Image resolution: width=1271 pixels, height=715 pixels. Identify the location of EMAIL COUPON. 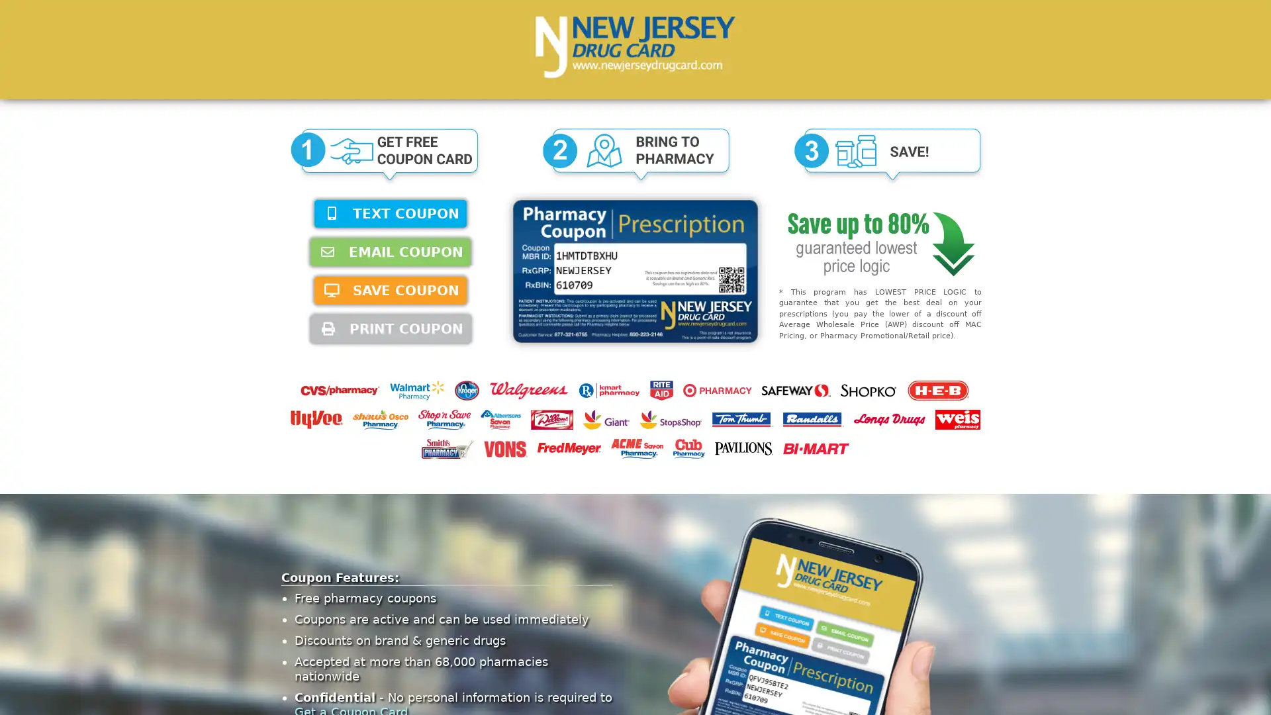
(390, 252).